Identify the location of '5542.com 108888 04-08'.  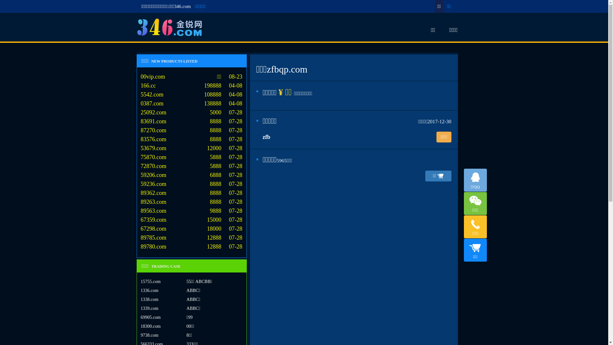
(191, 97).